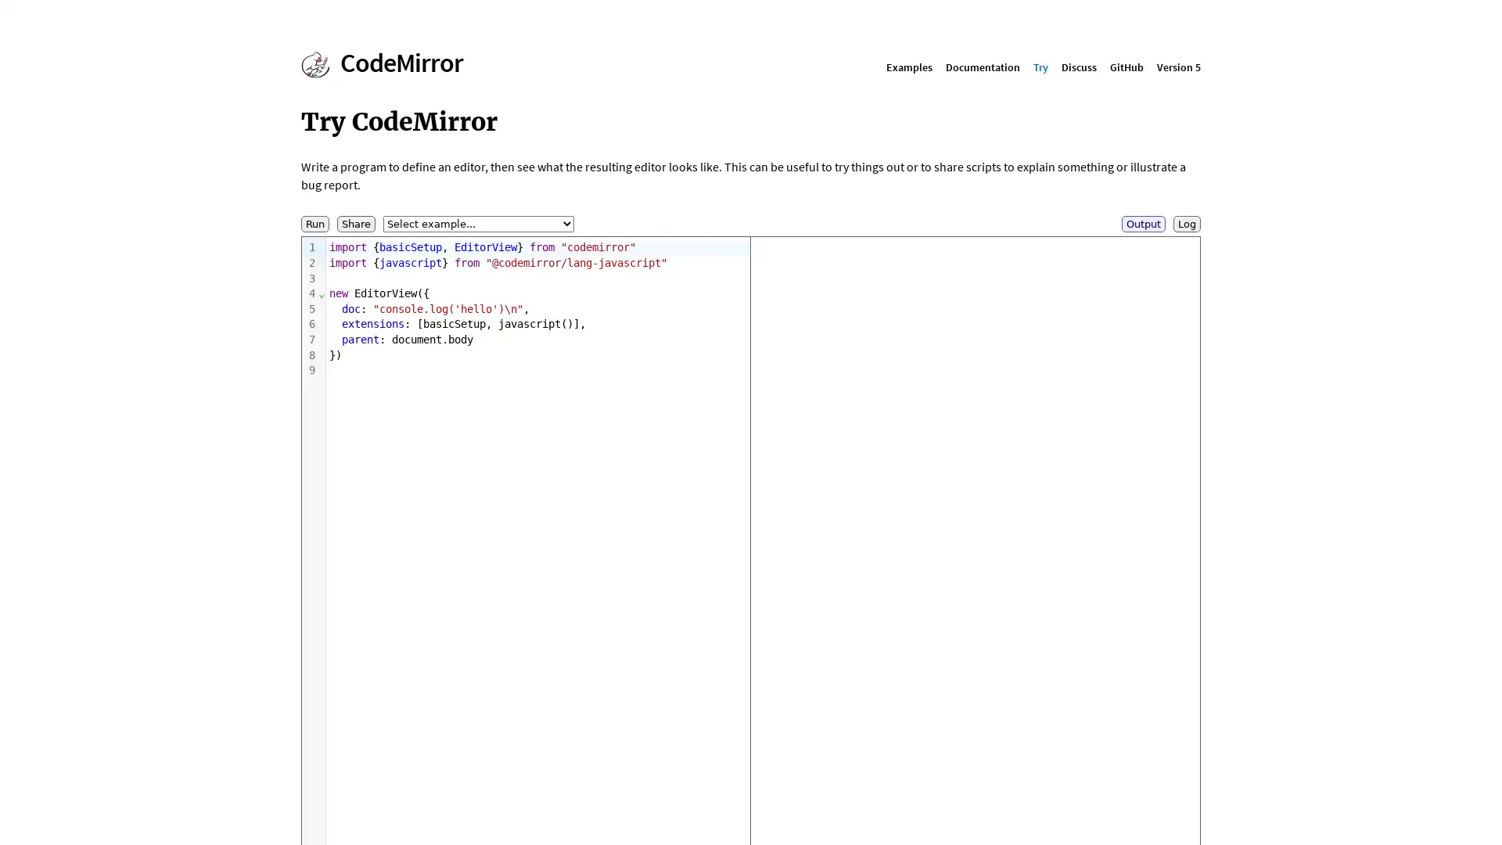  Describe the element at coordinates (1144, 224) in the screenshot. I see `Show code (Ctrl-Shift-2)` at that location.